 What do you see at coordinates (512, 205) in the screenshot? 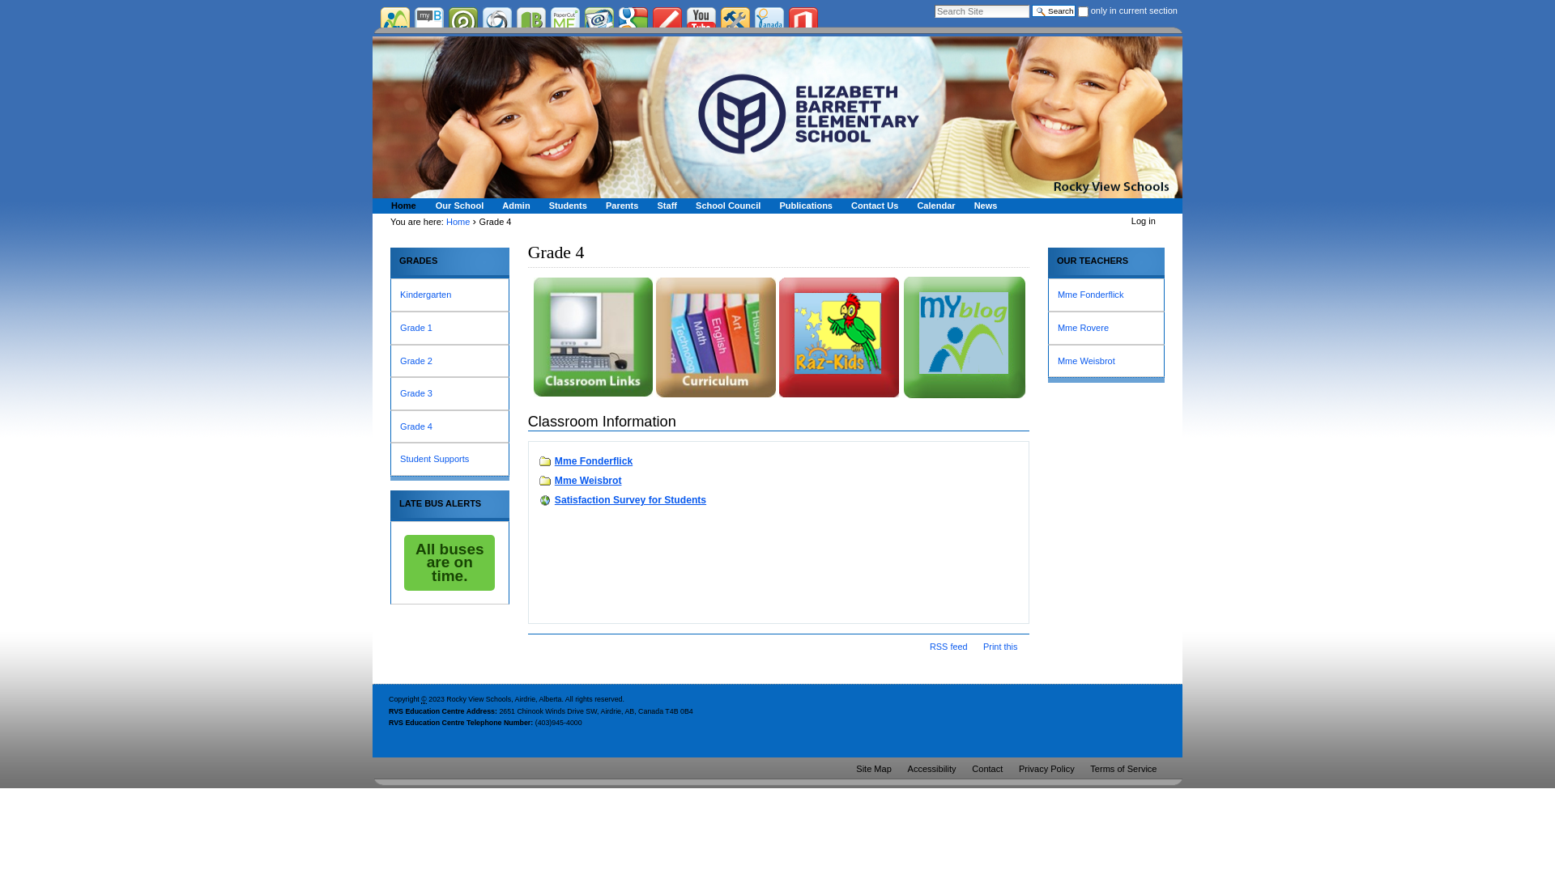
I see `'Admin'` at bounding box center [512, 205].